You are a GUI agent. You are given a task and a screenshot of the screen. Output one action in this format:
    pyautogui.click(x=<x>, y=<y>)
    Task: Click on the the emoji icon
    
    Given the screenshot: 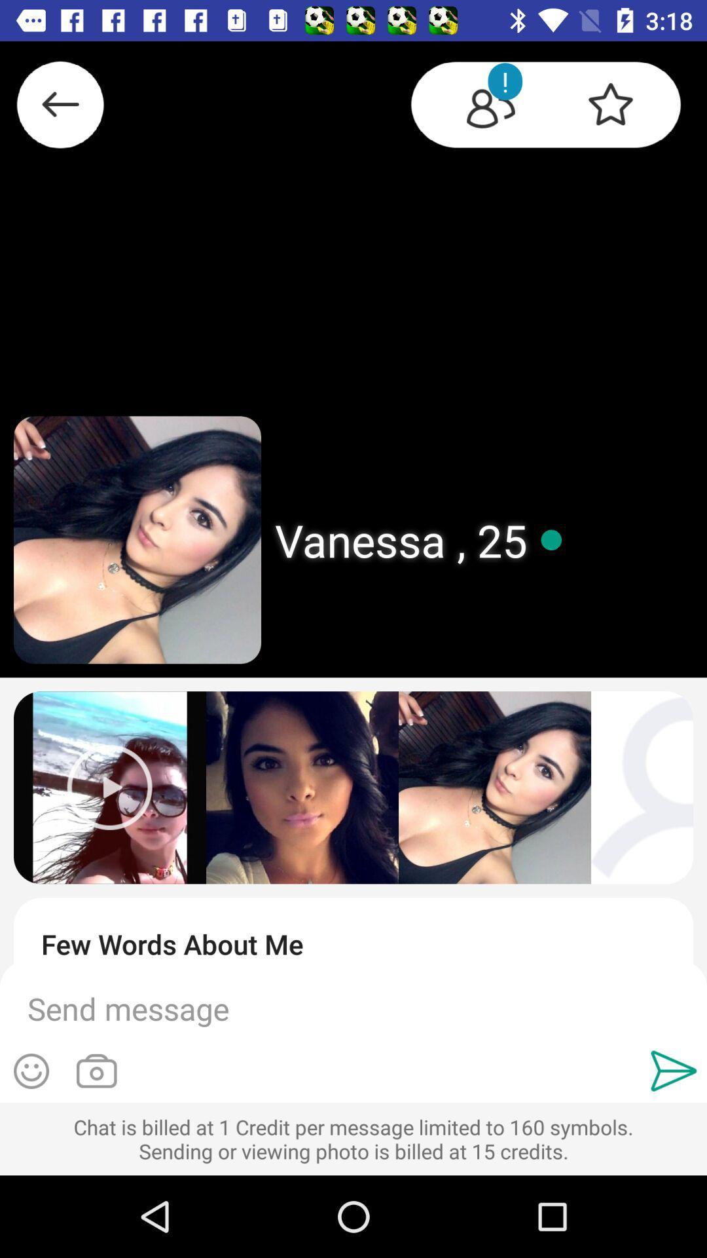 What is the action you would take?
    pyautogui.click(x=30, y=1071)
    